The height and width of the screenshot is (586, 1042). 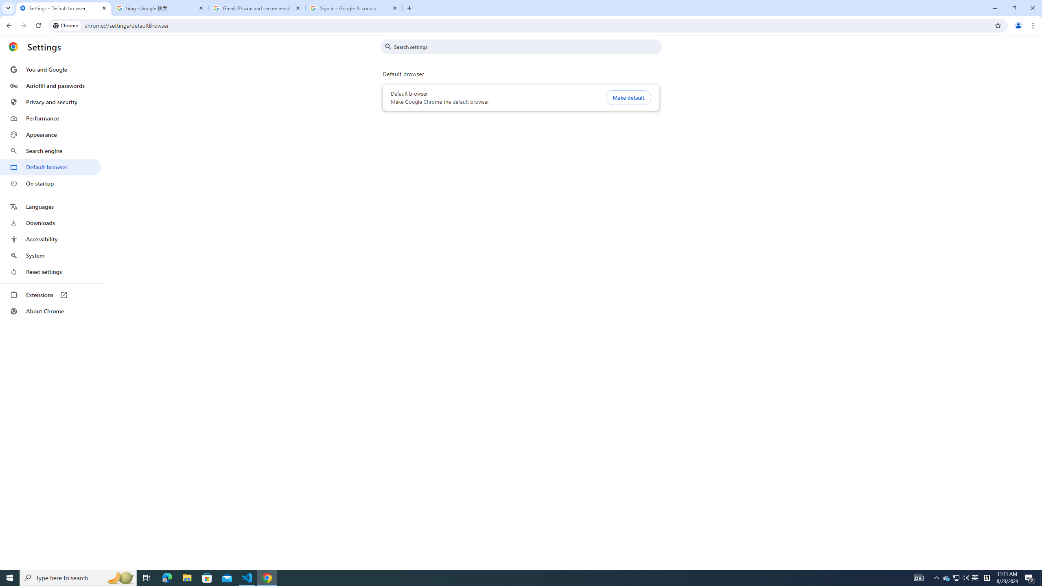 What do you see at coordinates (50, 207) in the screenshot?
I see `'Languages'` at bounding box center [50, 207].